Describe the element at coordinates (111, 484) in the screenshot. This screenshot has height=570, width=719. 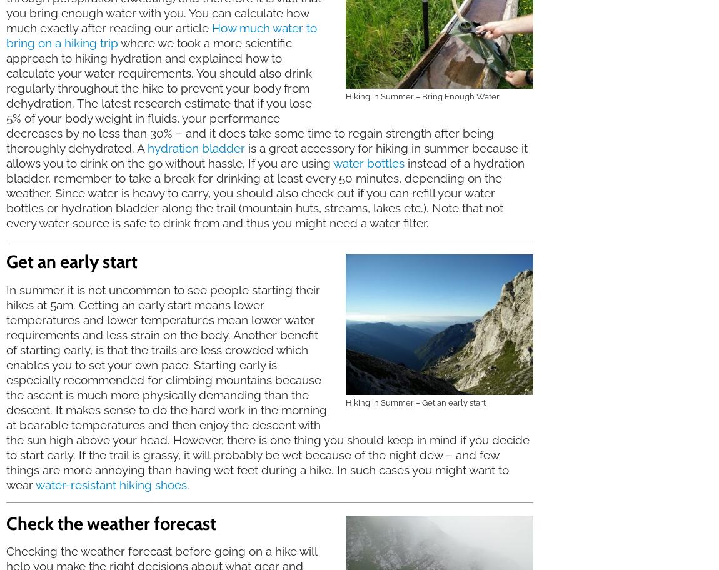
I see `'water-resistant hiking shoes'` at that location.